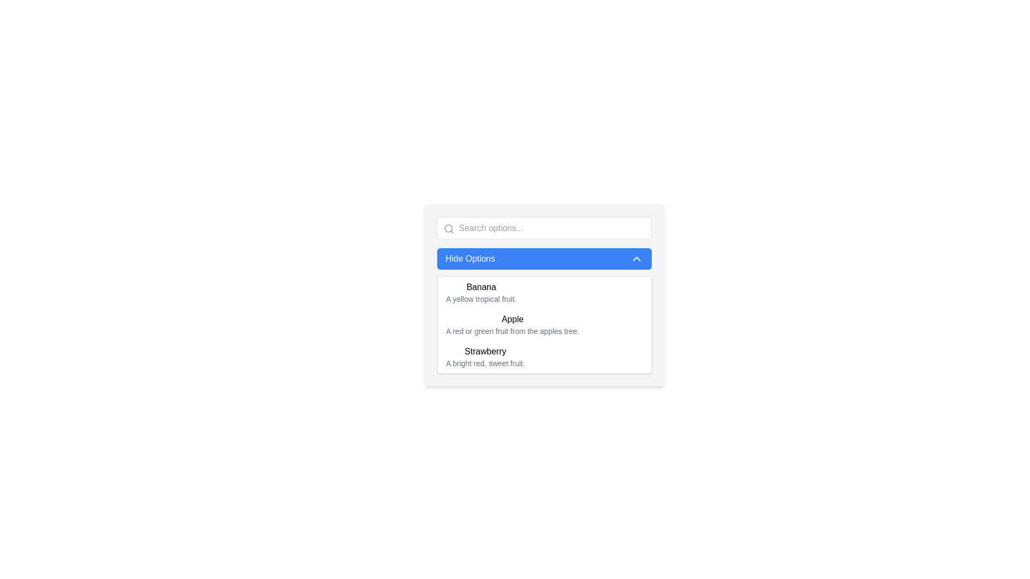 This screenshot has width=1030, height=579. I want to click on the button located beneath the search field, so click(544, 258).